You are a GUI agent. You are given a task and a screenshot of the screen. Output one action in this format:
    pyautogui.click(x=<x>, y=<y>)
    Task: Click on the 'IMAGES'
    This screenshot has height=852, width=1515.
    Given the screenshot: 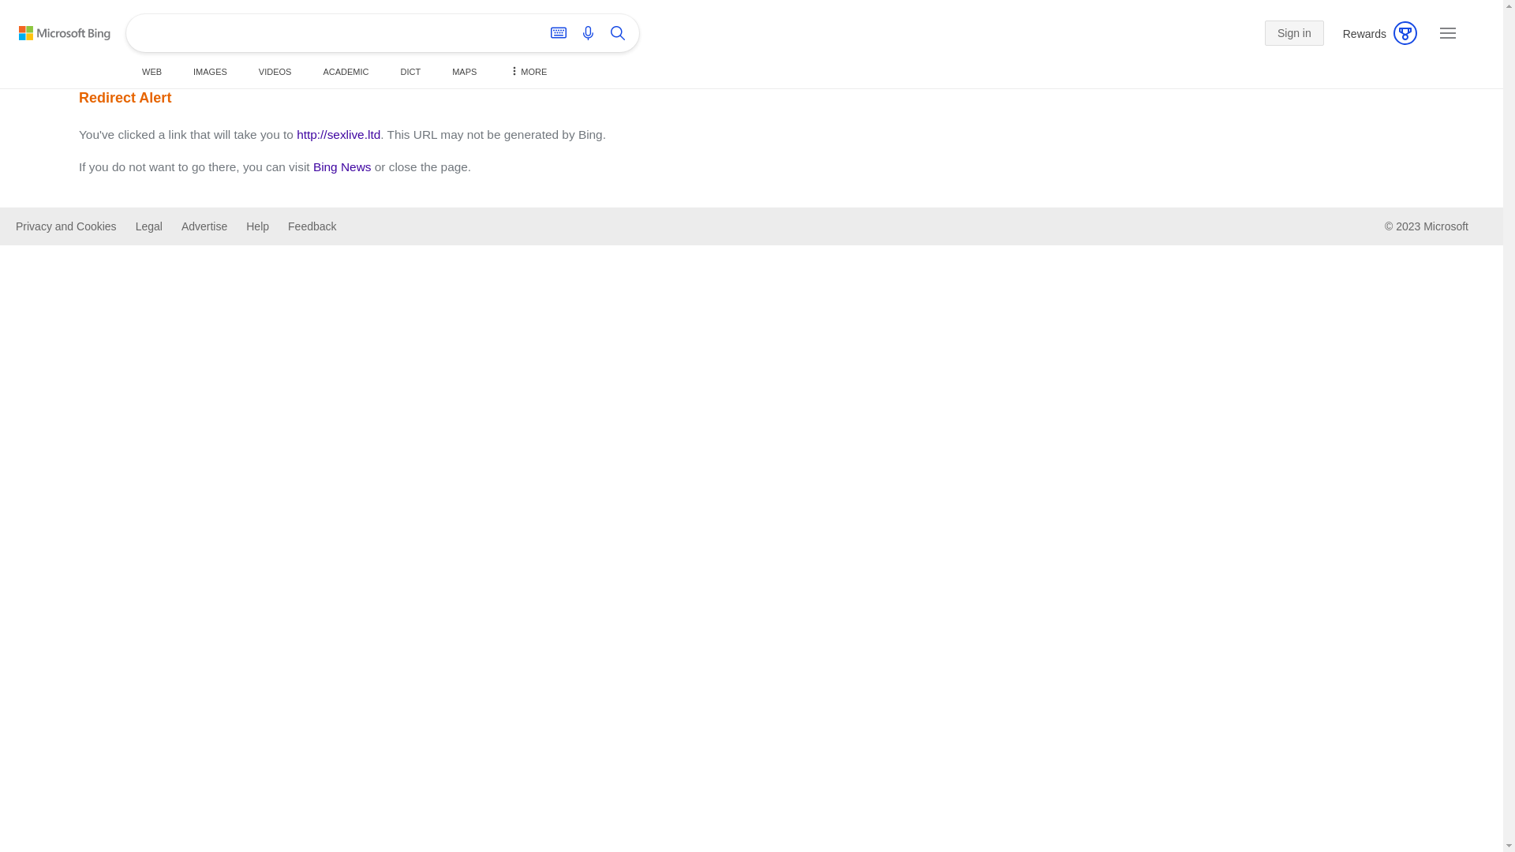 What is the action you would take?
    pyautogui.click(x=186, y=72)
    